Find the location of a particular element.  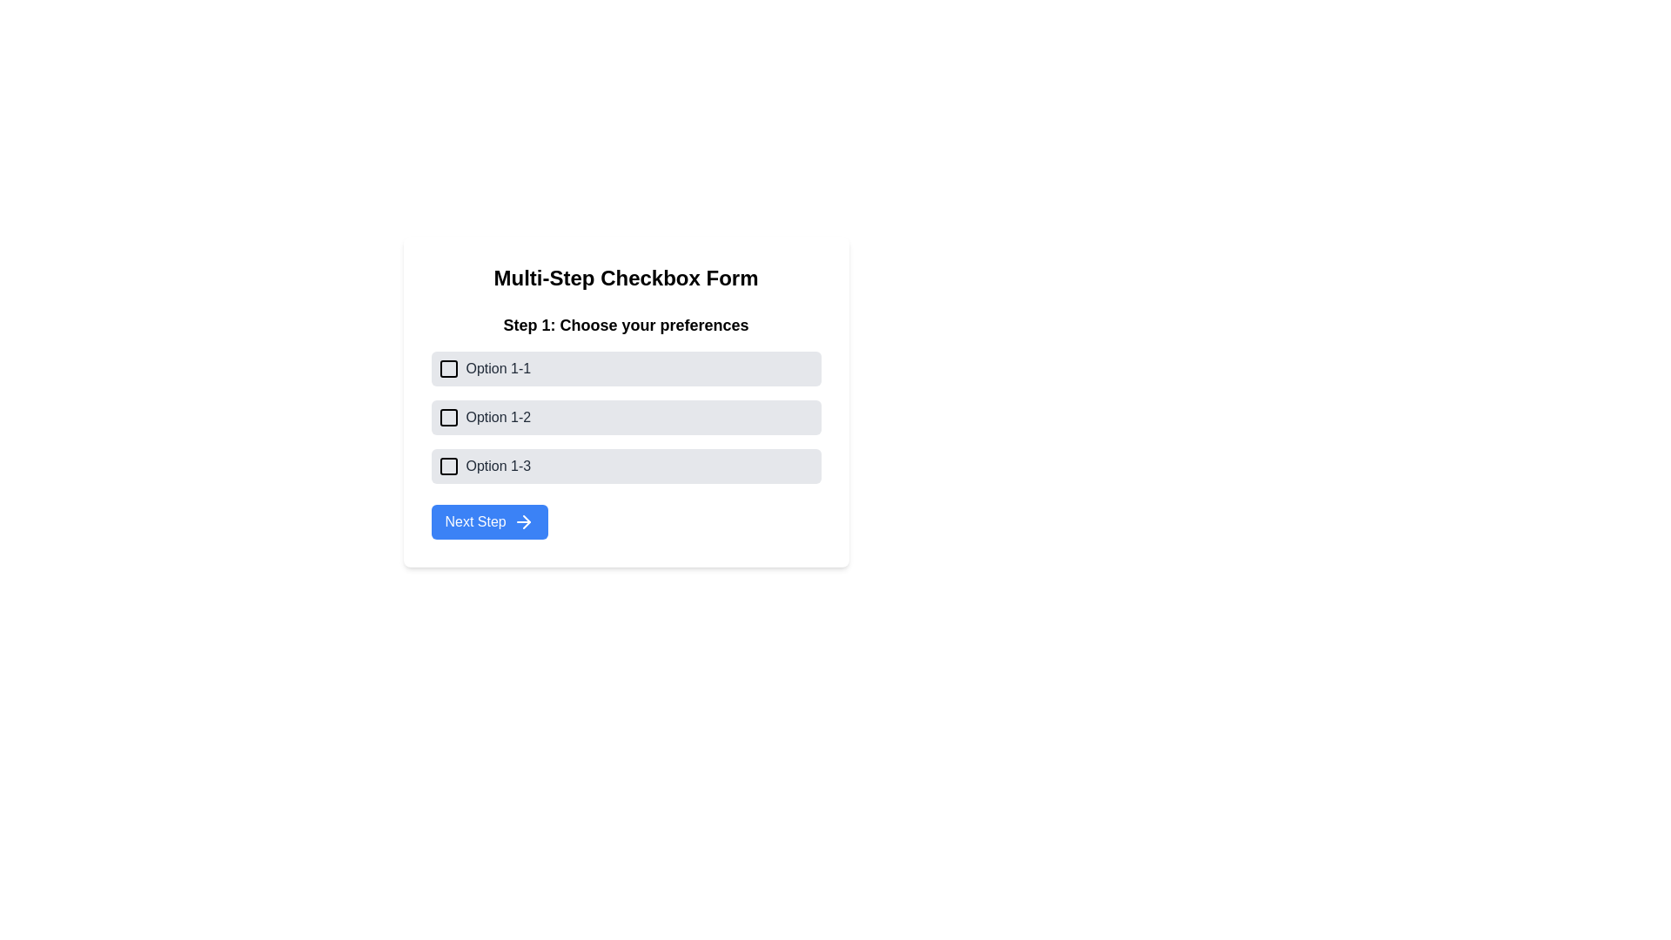

the checkbox for 'Option 1-2', which is a small square with rounded corners embedded in a light gray background is located at coordinates (448, 417).